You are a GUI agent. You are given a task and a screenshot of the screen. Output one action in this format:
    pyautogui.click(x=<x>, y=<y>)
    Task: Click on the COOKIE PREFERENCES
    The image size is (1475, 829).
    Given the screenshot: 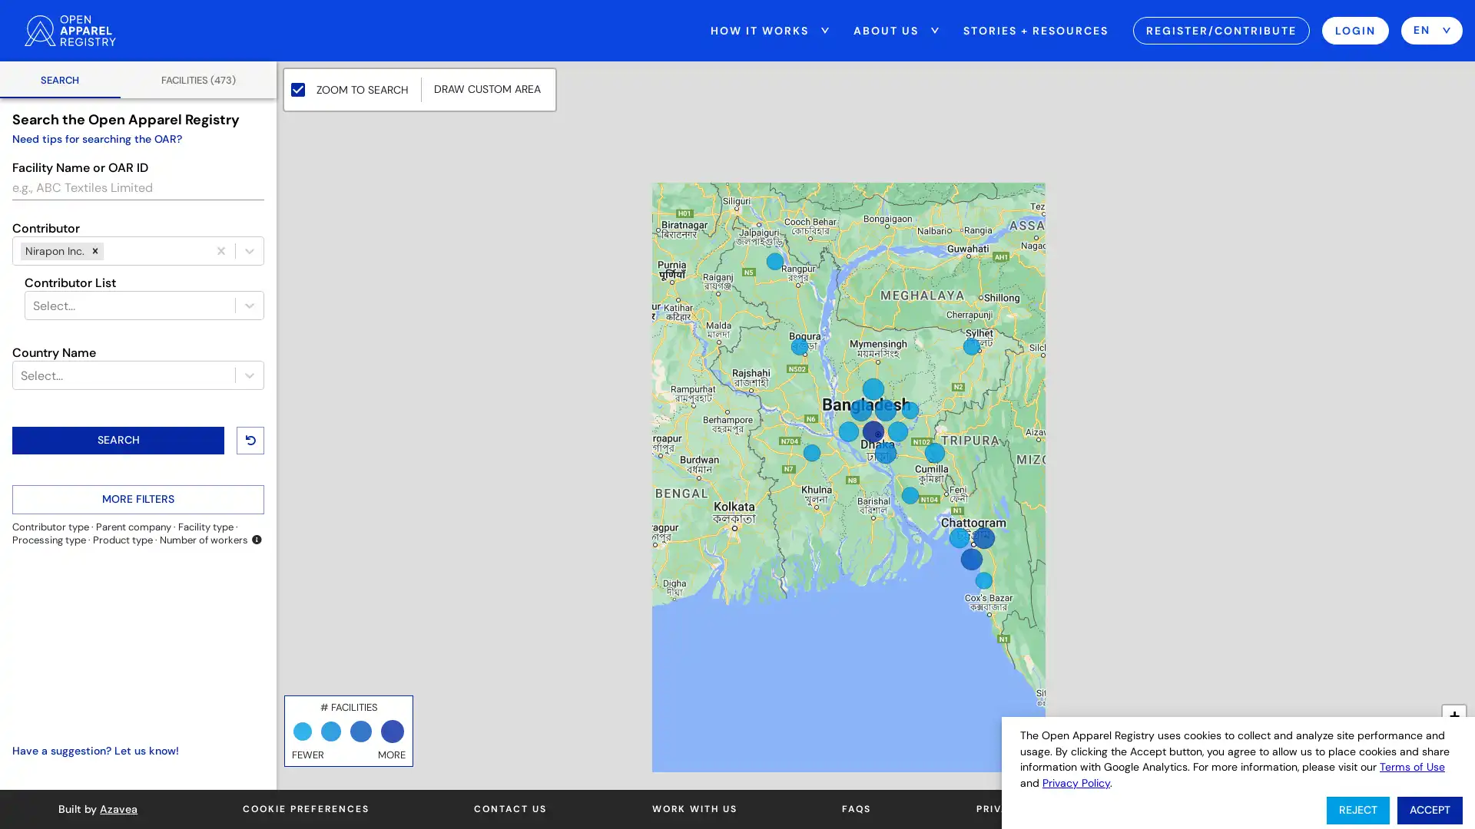 What is the action you would take?
    pyautogui.click(x=305, y=808)
    